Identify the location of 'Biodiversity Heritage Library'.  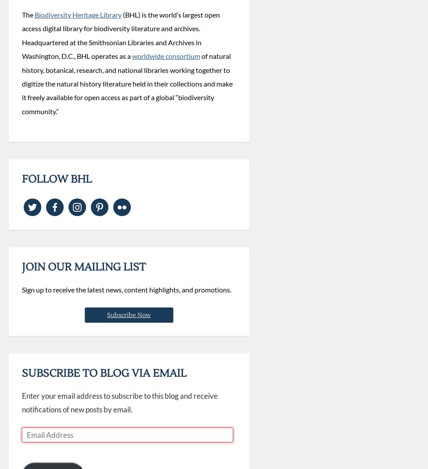
(77, 14).